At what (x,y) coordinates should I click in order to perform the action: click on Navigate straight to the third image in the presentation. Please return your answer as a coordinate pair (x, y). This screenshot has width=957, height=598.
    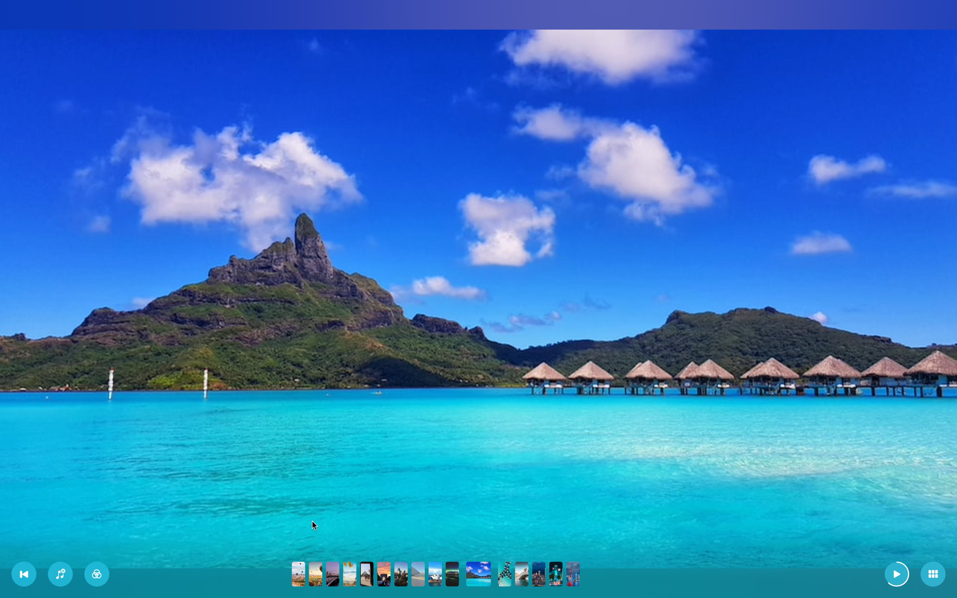
    Looking at the image, I should click on (333, 573).